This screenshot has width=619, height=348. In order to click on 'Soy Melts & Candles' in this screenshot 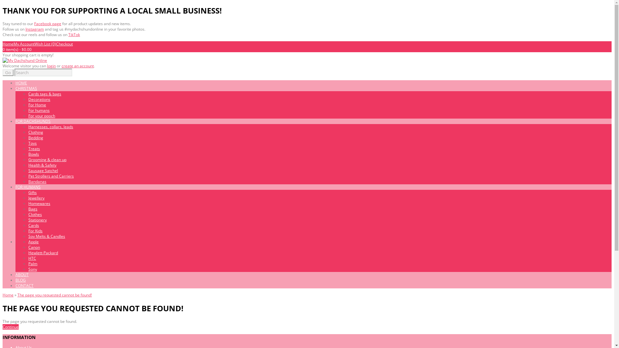, I will do `click(46, 236)`.